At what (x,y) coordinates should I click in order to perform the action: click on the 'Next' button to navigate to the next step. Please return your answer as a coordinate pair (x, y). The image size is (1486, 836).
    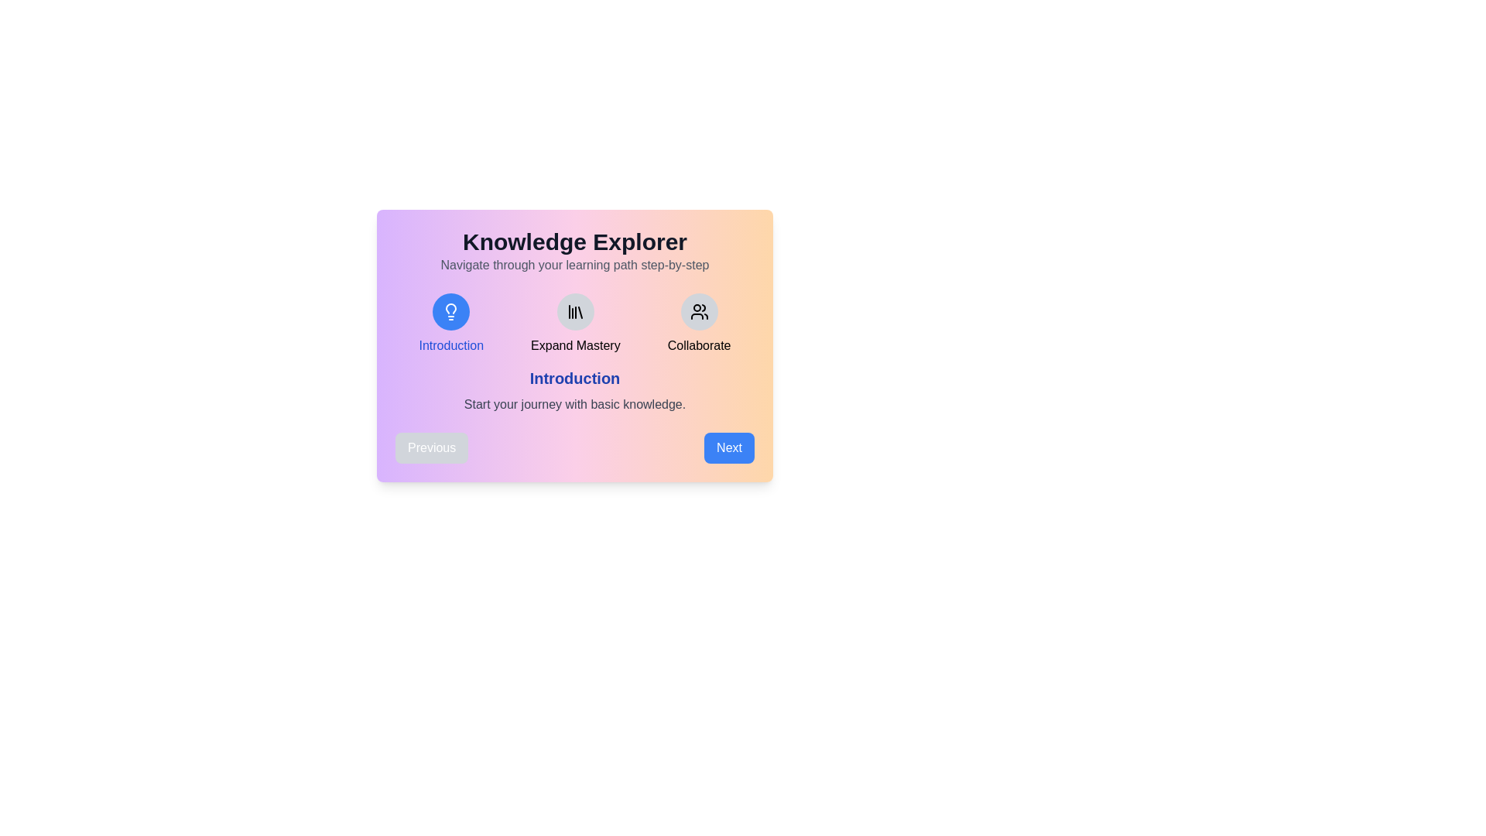
    Looking at the image, I should click on (728, 447).